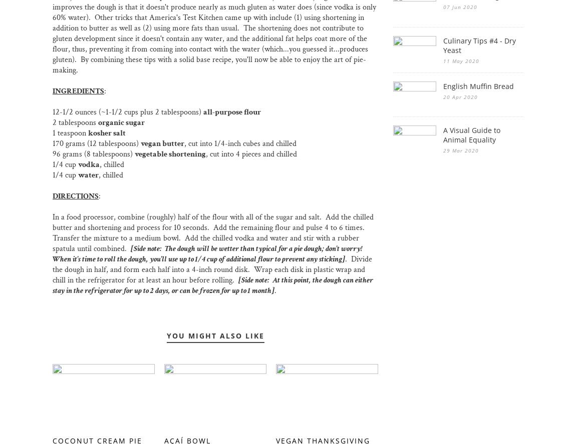 The height and width of the screenshot is (444, 576). Describe the element at coordinates (52, 285) in the screenshot. I see `'[Side note:  At this point, the dough can either stay in the refrigerator for up to 2 days, or can be frozen for up to 1 month]'` at that location.